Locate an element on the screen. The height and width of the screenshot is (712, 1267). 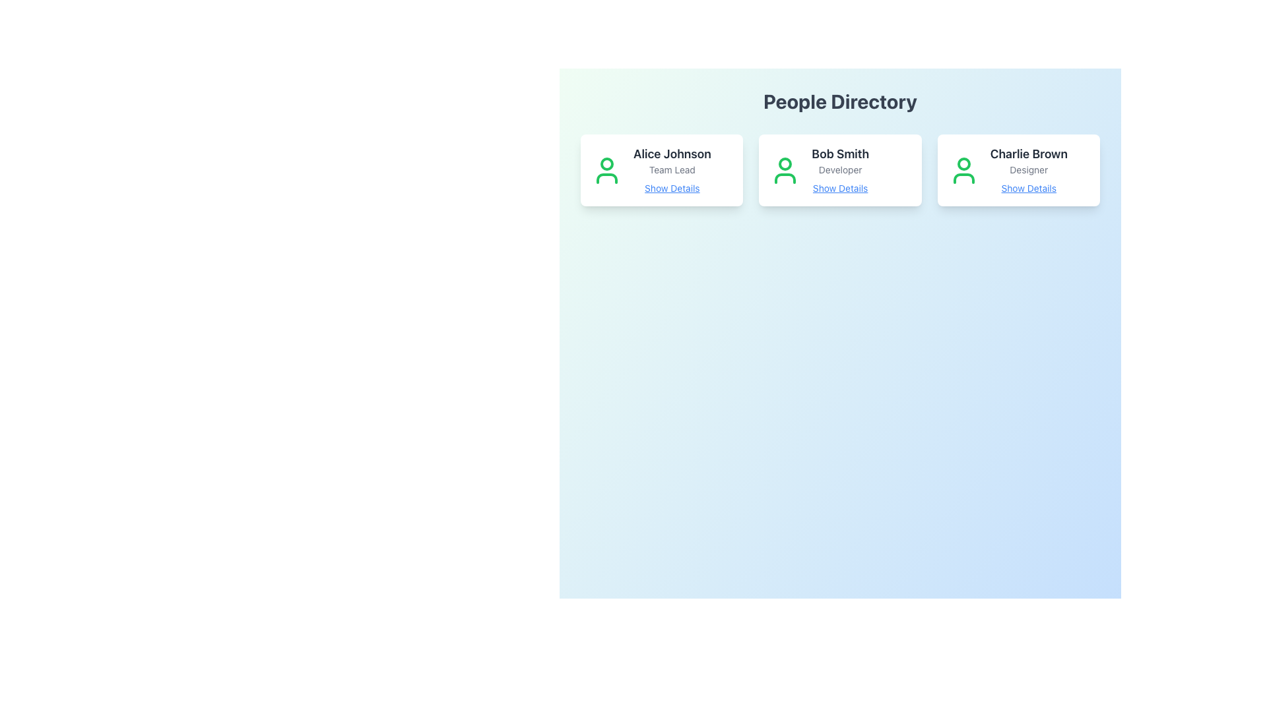
the interactive link located at the bottom of the card associated with 'Bob Smith', beneath the text 'Developer' is located at coordinates (839, 188).